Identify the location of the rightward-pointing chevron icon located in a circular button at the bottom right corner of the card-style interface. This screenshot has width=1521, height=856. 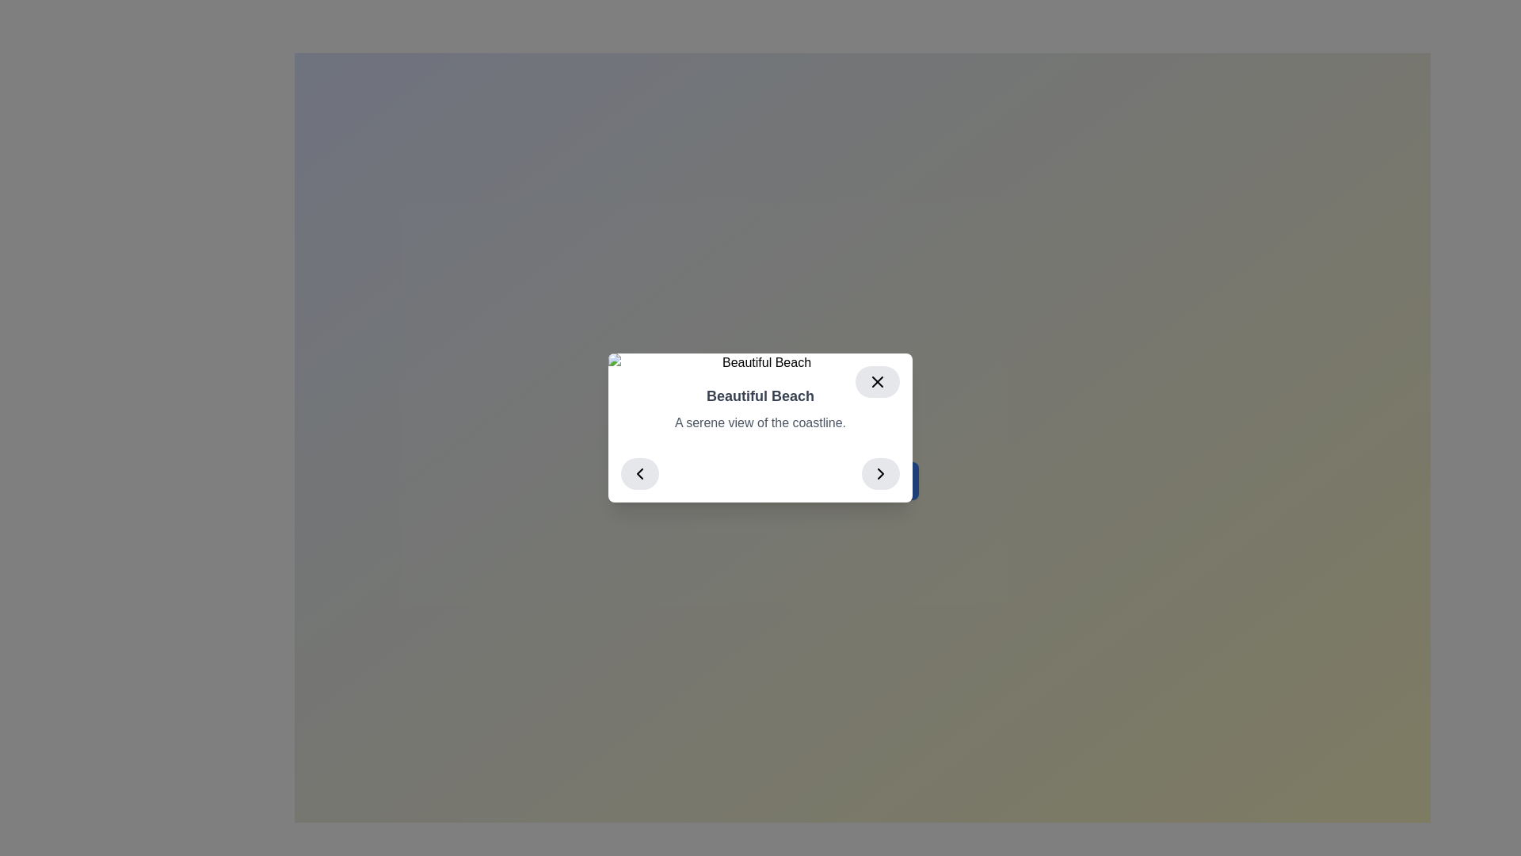
(880, 472).